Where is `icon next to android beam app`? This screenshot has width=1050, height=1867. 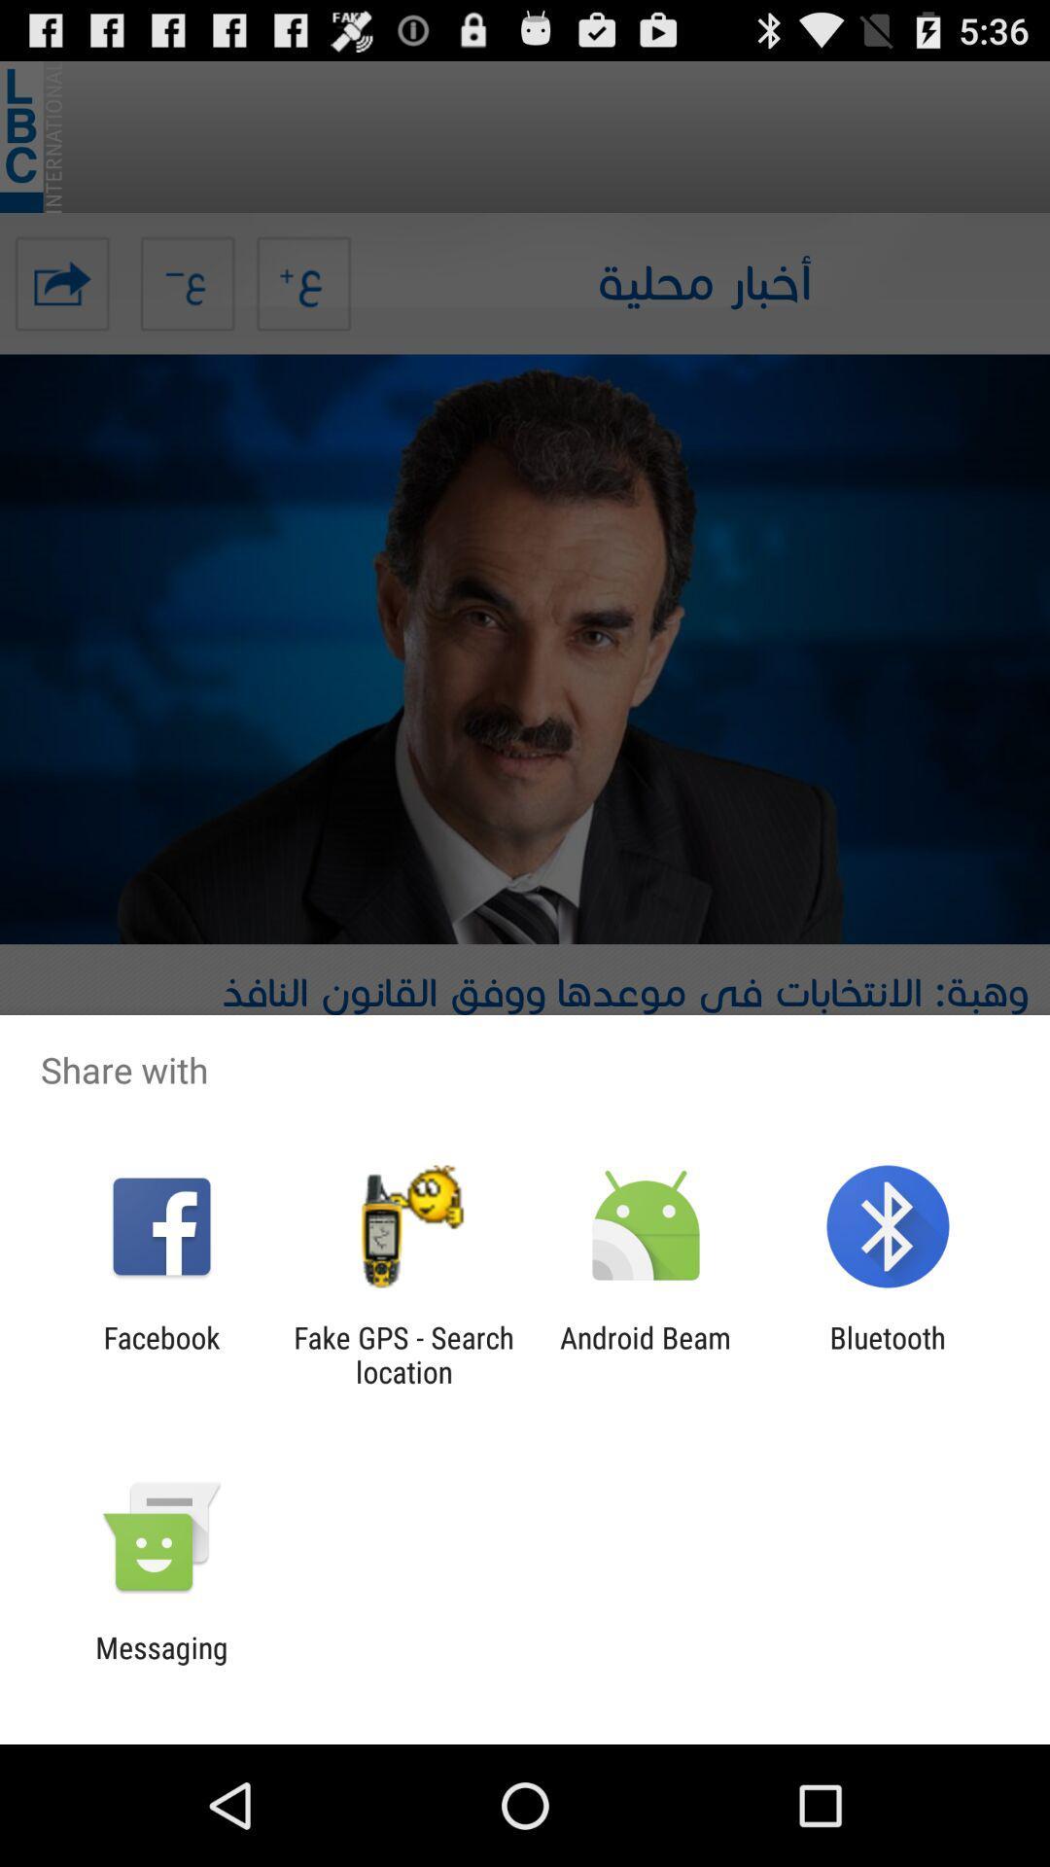
icon next to android beam app is located at coordinates (402, 1354).